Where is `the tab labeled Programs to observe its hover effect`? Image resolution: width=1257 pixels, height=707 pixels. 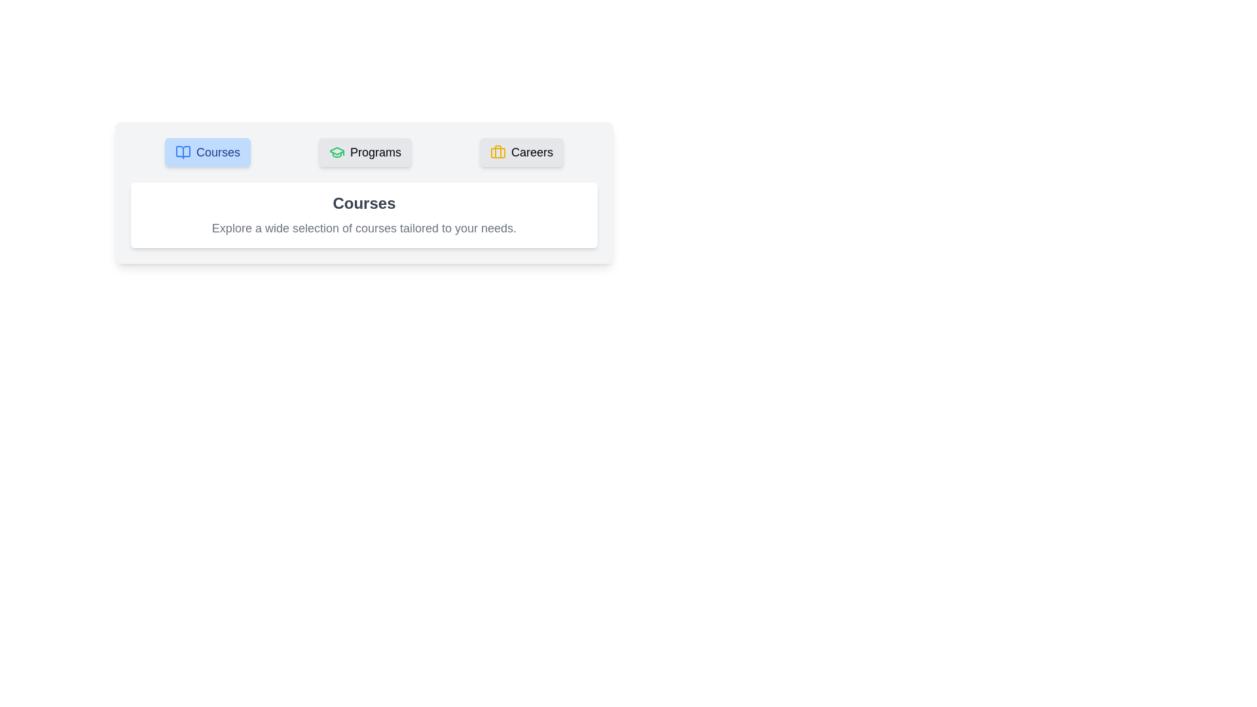
the tab labeled Programs to observe its hover effect is located at coordinates (365, 151).